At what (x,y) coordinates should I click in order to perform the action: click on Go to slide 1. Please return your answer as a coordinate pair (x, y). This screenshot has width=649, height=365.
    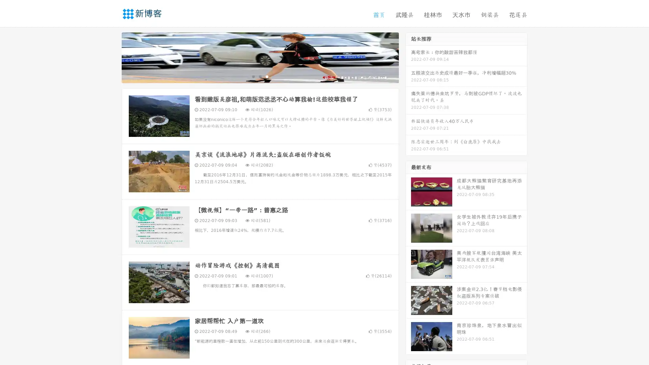
    Looking at the image, I should click on (253, 76).